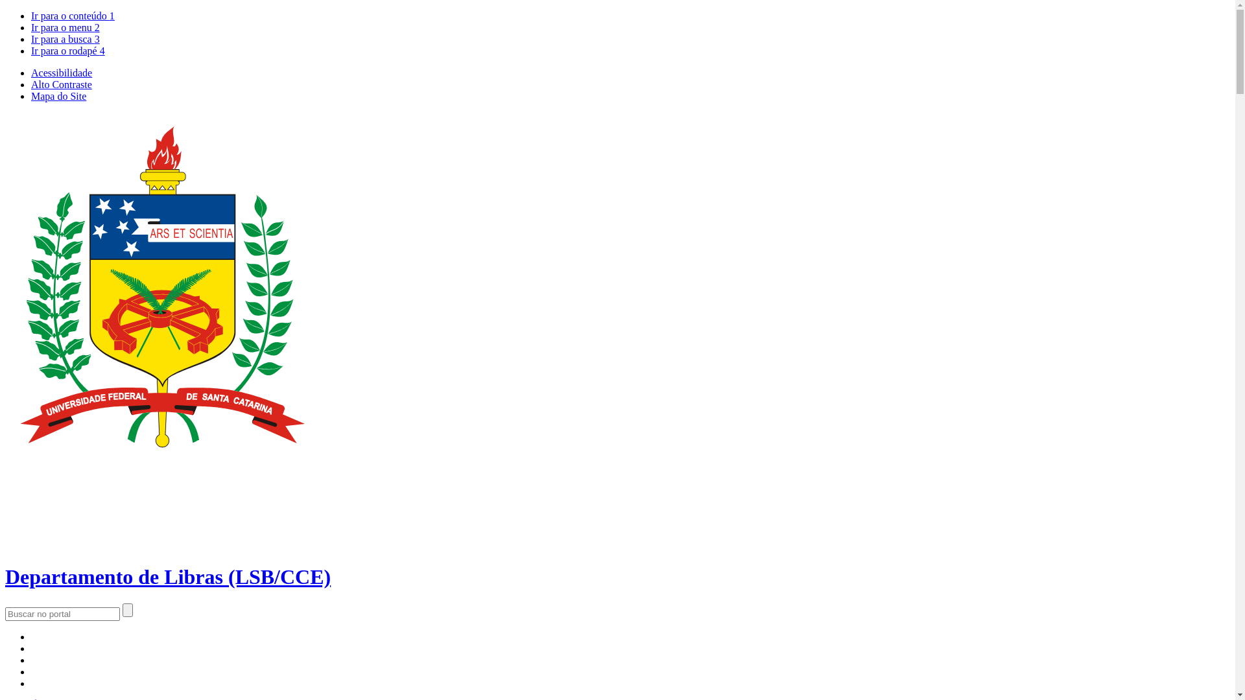 This screenshot has width=1245, height=700. Describe the element at coordinates (64, 27) in the screenshot. I see `'Ir para o menu 2'` at that location.